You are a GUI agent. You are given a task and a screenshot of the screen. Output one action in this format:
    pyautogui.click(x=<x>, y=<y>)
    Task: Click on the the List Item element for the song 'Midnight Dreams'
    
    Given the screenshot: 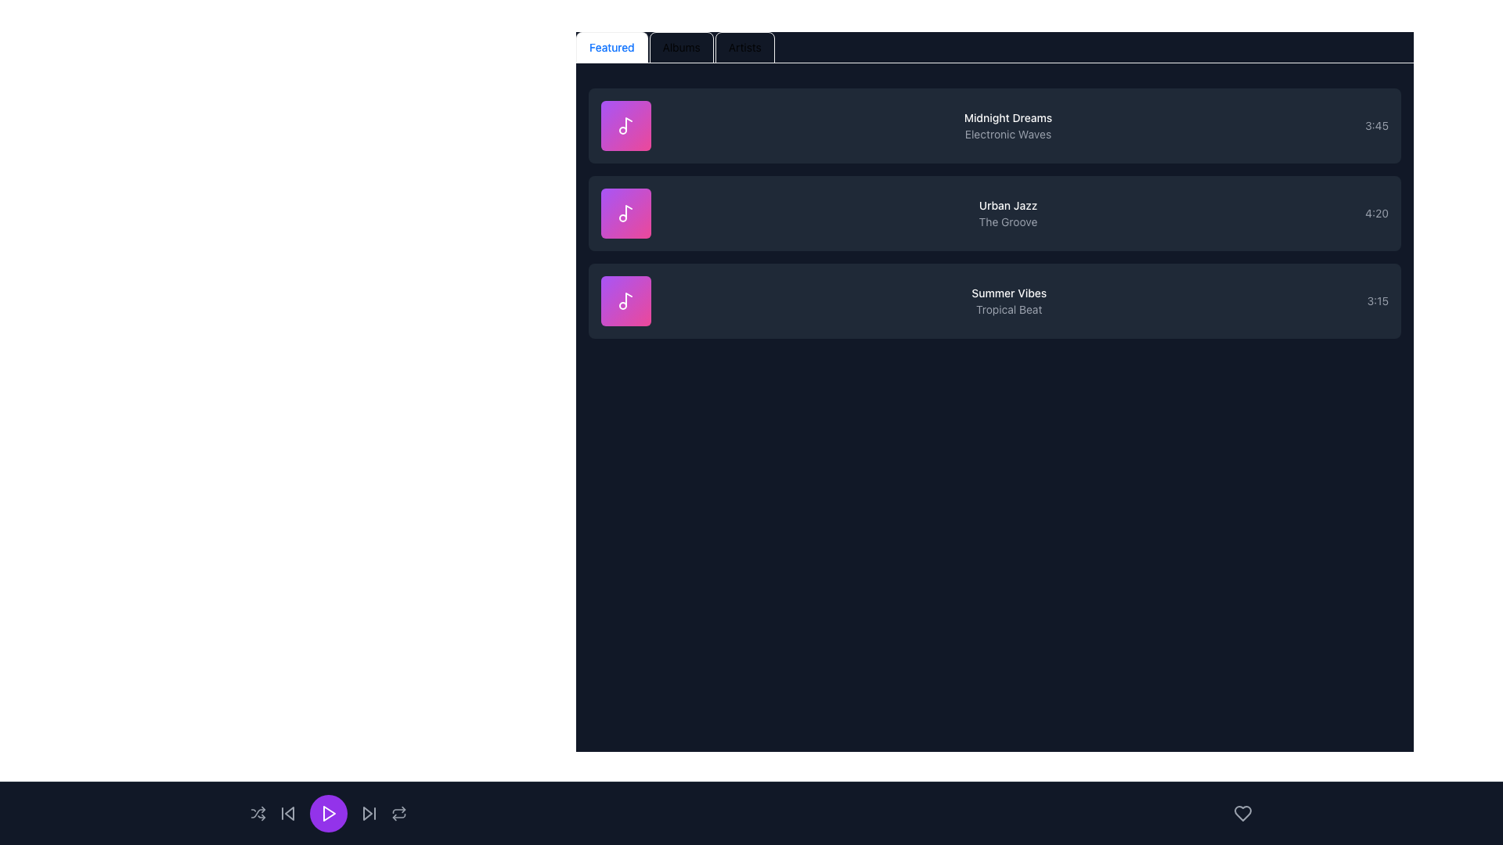 What is the action you would take?
    pyautogui.click(x=994, y=125)
    